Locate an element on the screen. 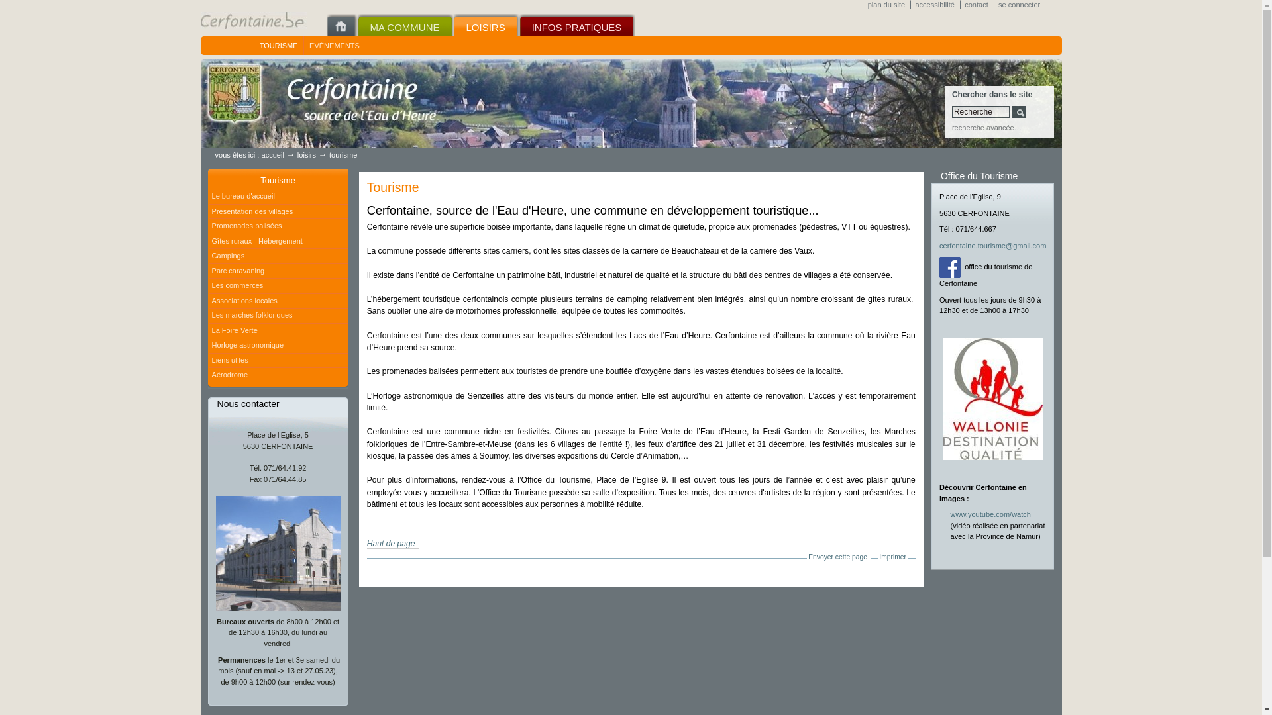  'Envoyer cette page' is located at coordinates (837, 557).